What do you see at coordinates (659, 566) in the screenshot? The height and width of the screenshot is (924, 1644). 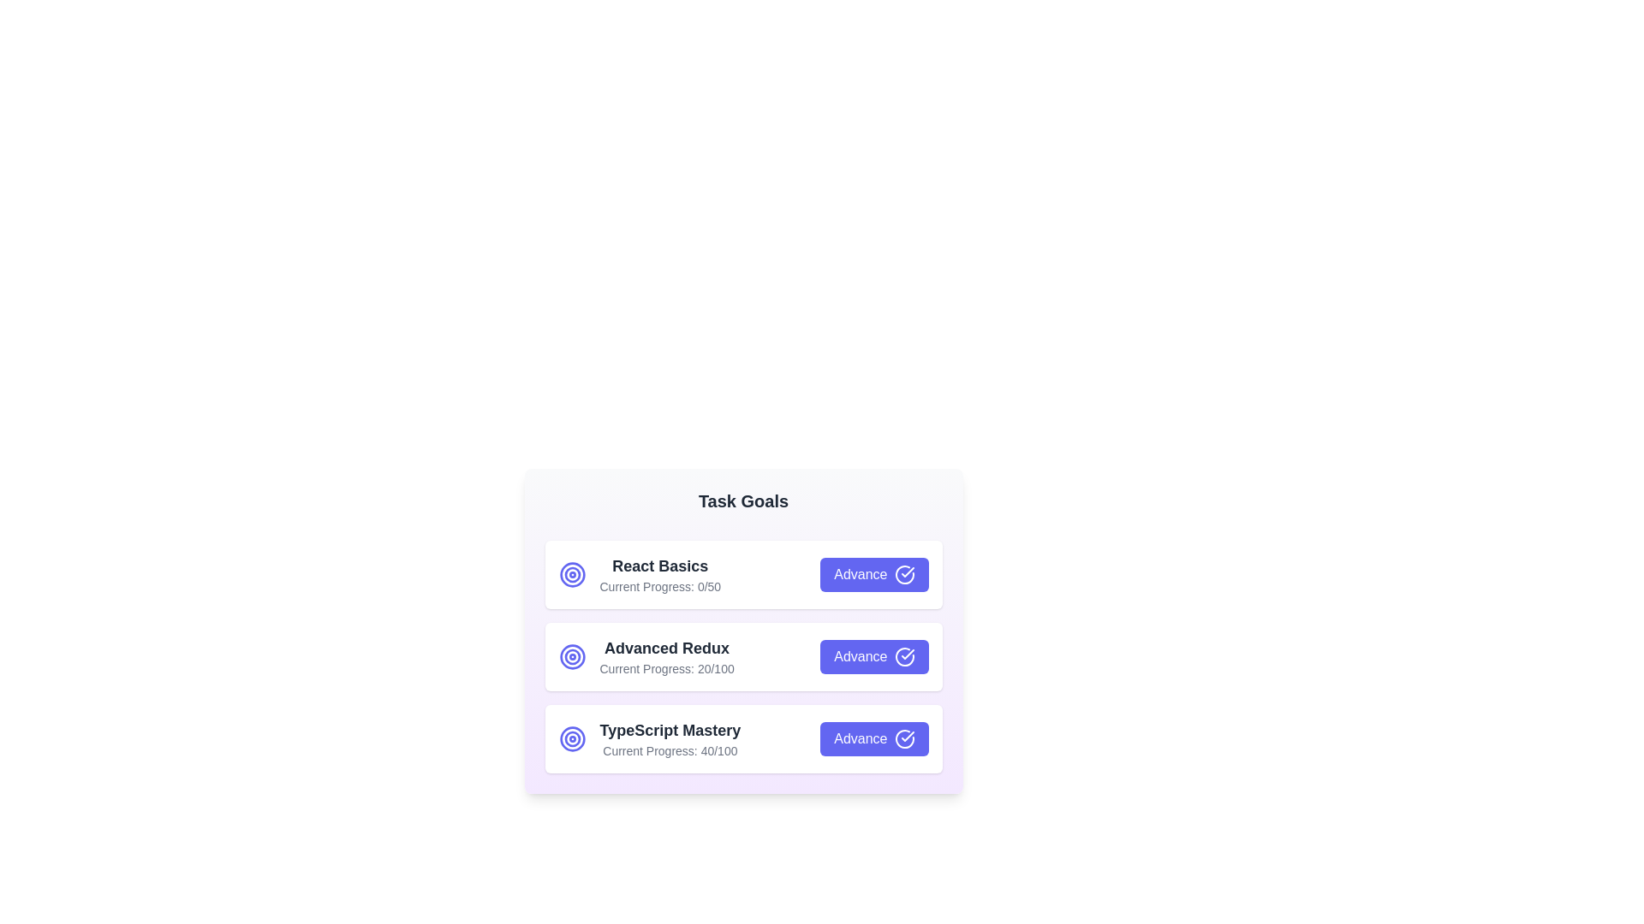 I see `the header text label 'React Basics', which is styled in bold and larger font, located at the top of the first task card in the 'Task Goals' section` at bounding box center [659, 566].